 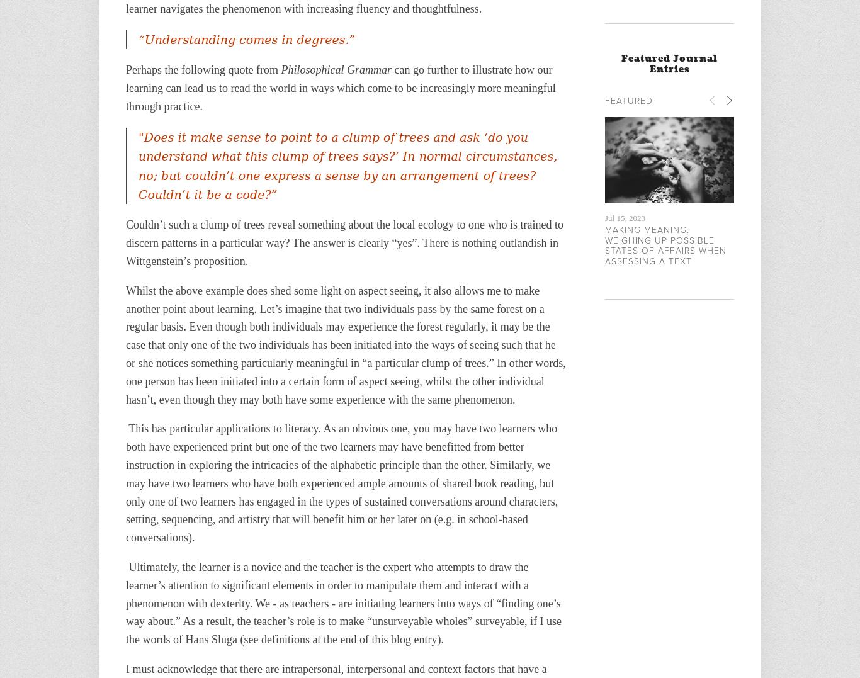 I want to click on 'Whilst the above example does shed some light on aspect seeing, it also allows me to make another point about learning. Let’s imagine that two individuals pass by the same forest on a regular basis. Even though both individuals may experience the forest regularly, it may be the case that only one of the two individuals has been initiated into the ways of seeing such that he or she notices something particularly meaningful in “a particular clump of trees.” In other words, one person has been initiated into a certain form of aspect seeing, whilst the other individual hasn’t, even though they may both have some experience with the same phenomenon.', so click(x=347, y=344).